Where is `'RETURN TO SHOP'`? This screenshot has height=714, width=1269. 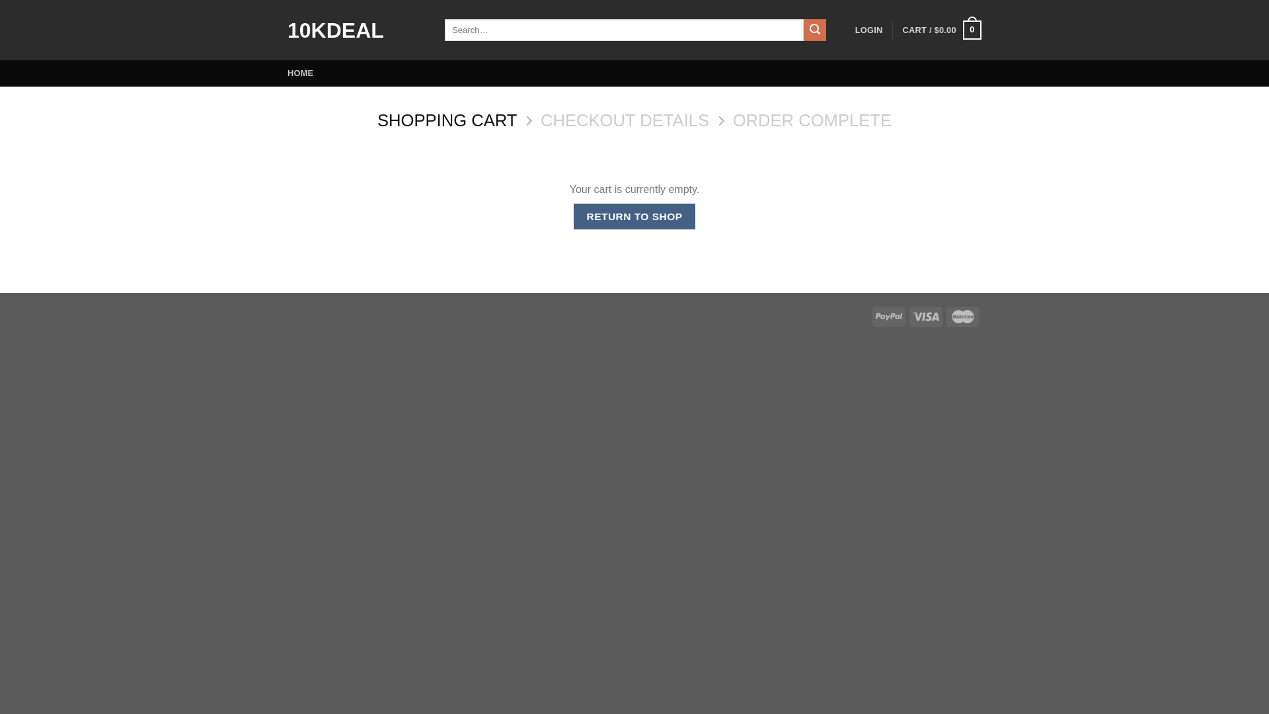 'RETURN TO SHOP' is located at coordinates (634, 216).